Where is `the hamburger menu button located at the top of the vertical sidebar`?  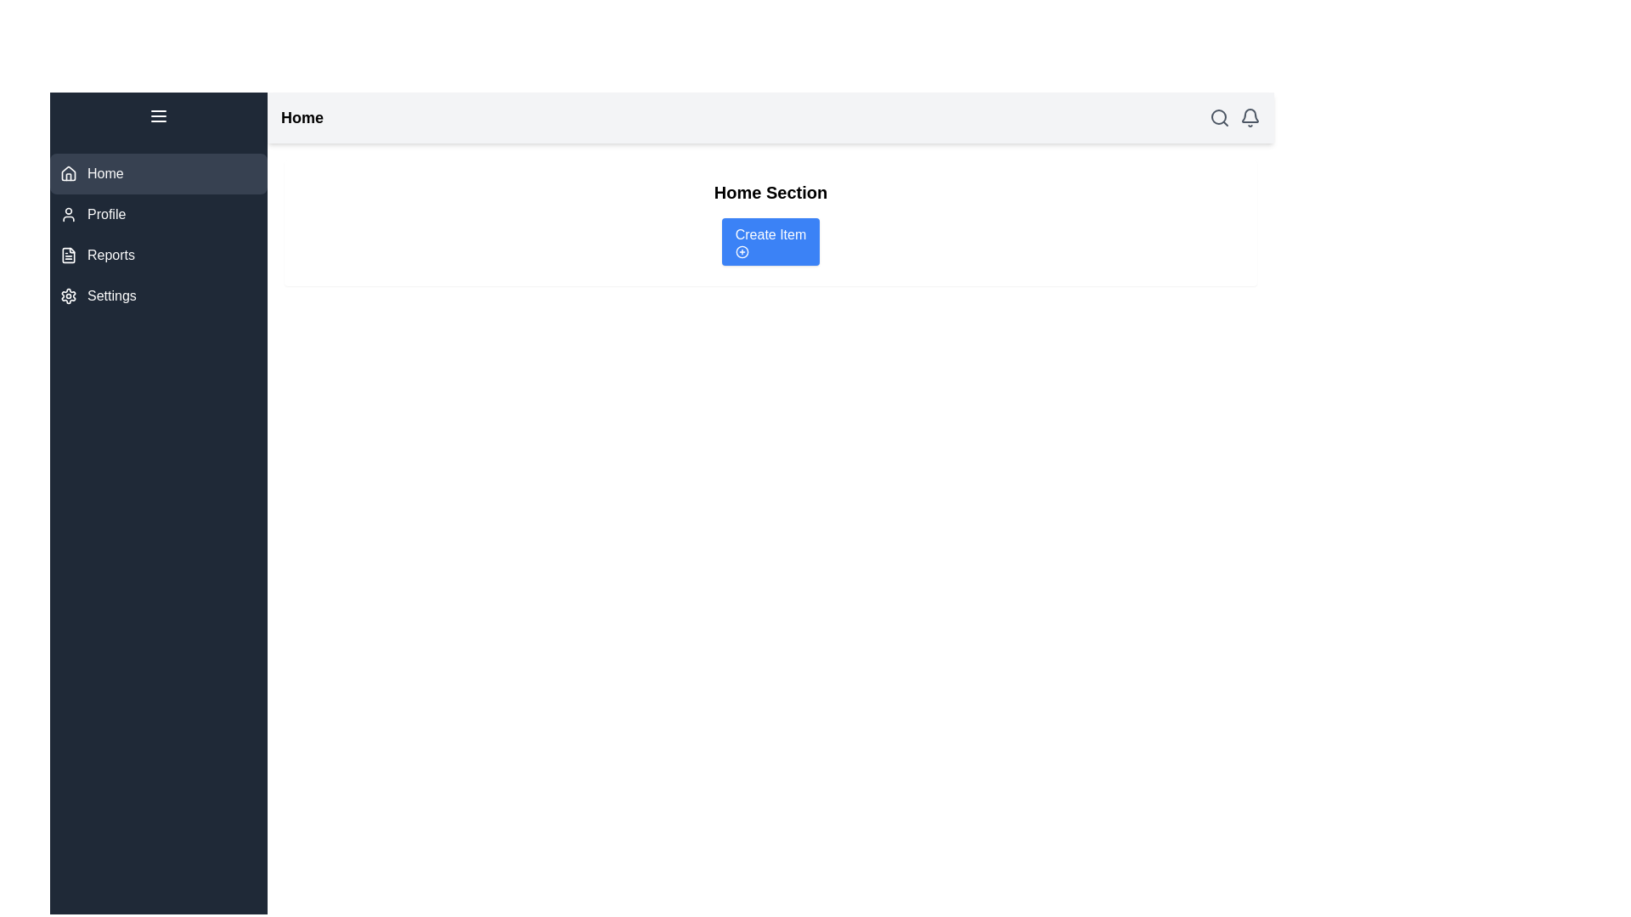 the hamburger menu button located at the top of the vertical sidebar is located at coordinates (159, 115).